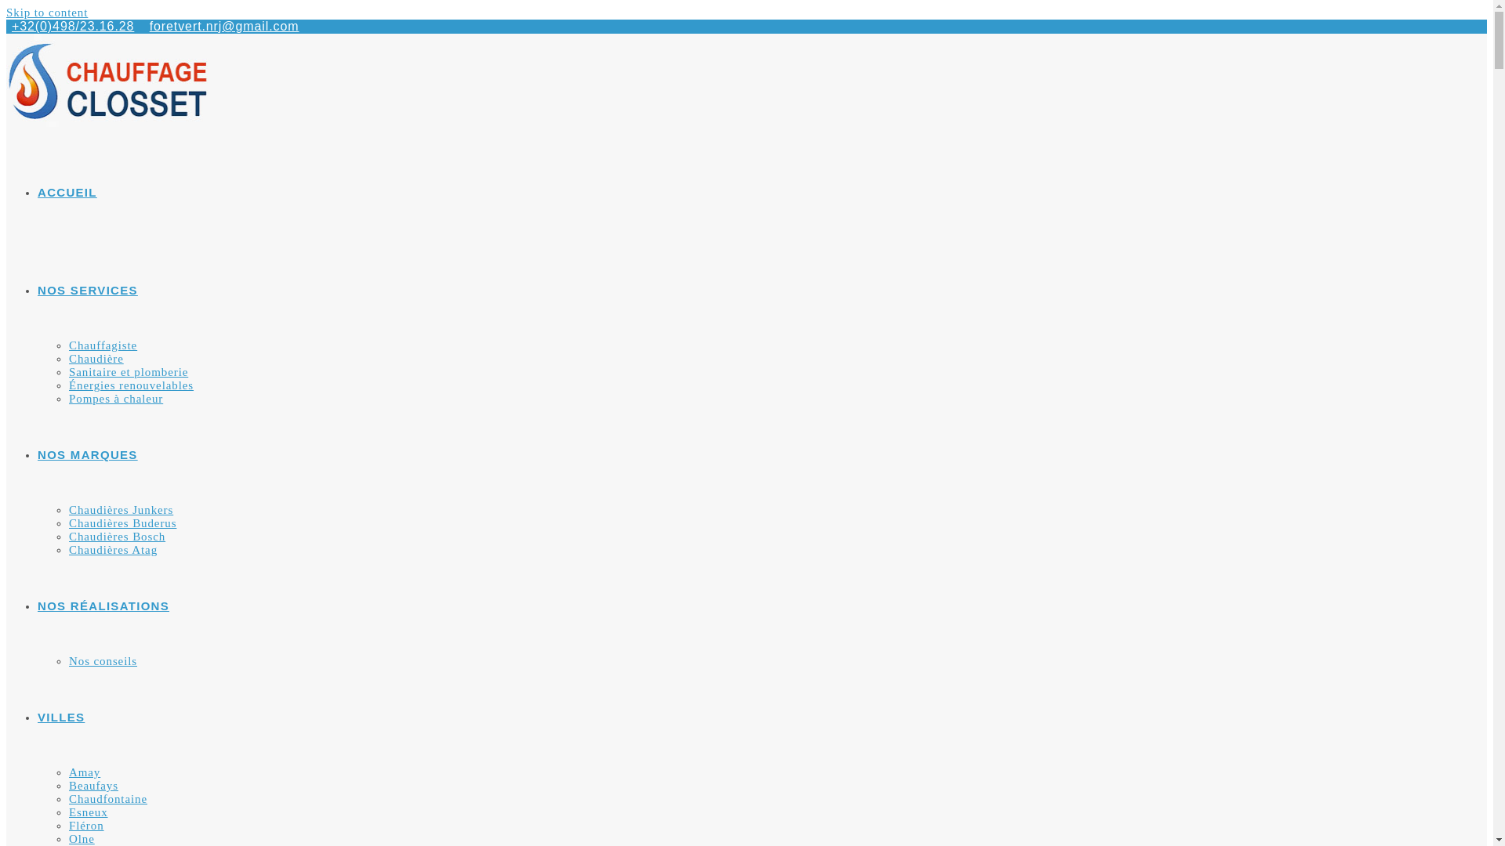  Describe the element at coordinates (86, 454) in the screenshot. I see `'NOS MARQUES'` at that location.